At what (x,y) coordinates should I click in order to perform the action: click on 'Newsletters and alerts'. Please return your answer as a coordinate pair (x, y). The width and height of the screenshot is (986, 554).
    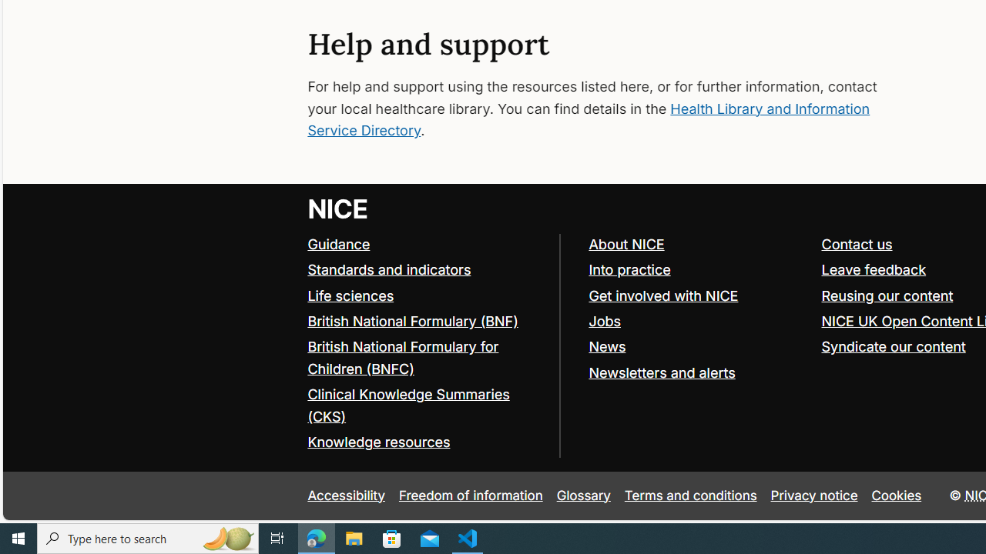
    Looking at the image, I should click on (662, 372).